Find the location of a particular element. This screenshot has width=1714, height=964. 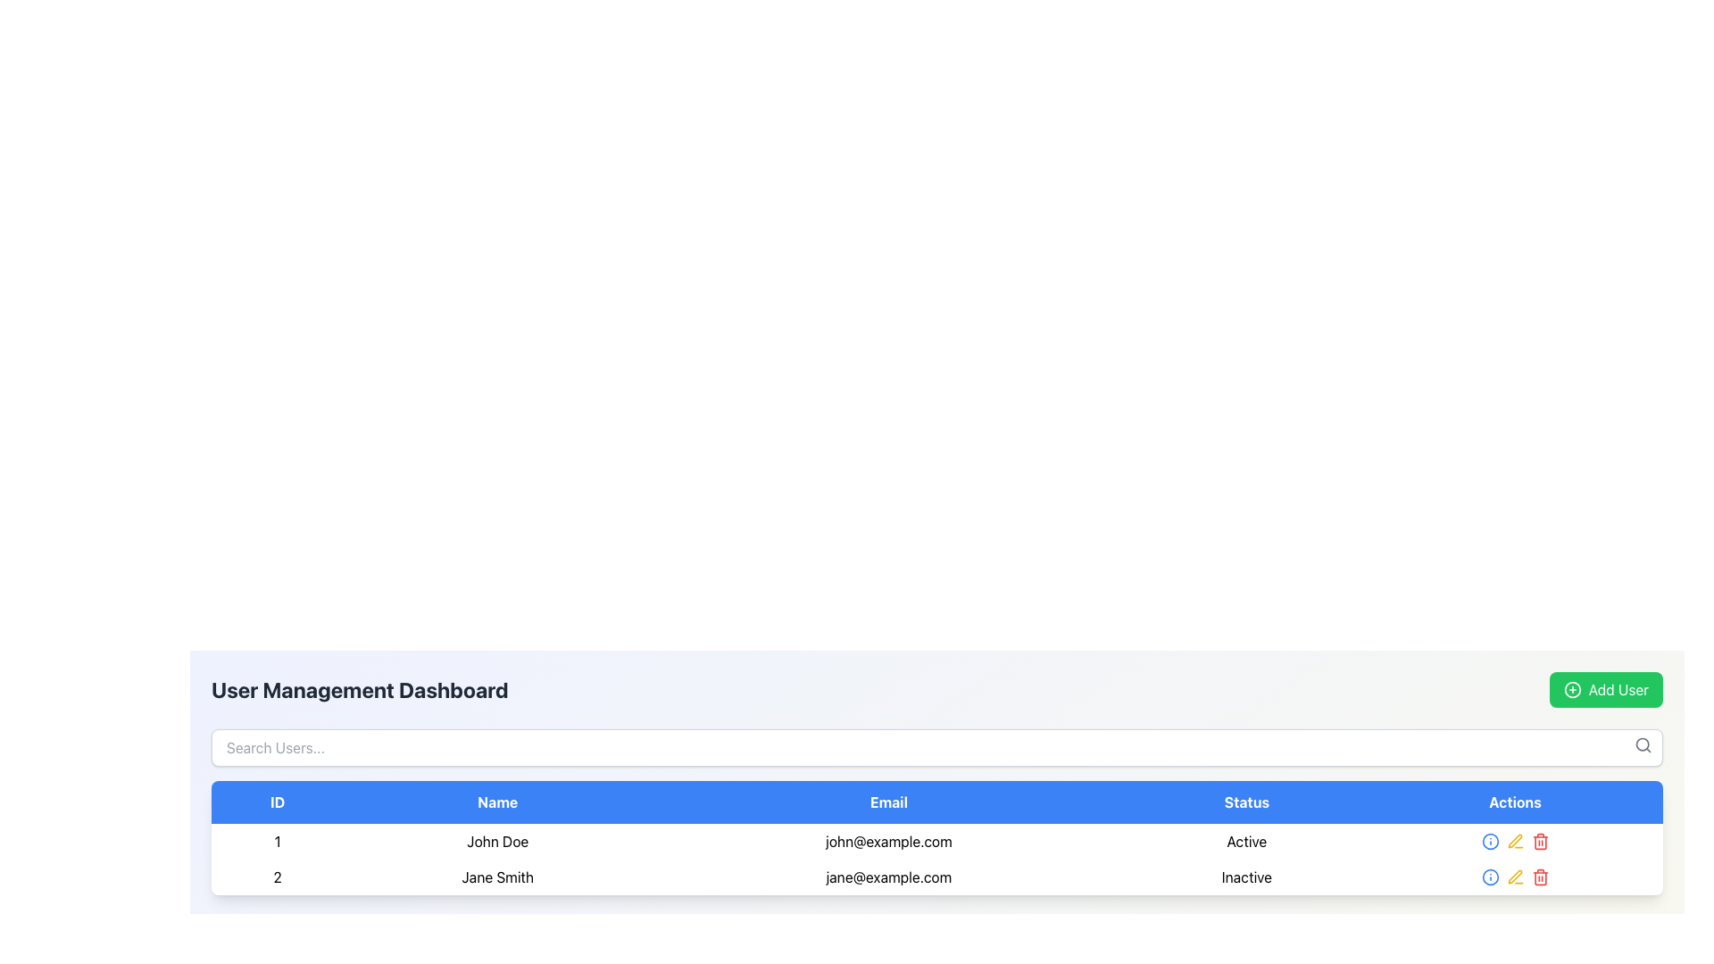

the 'Delete' icon button located is located at coordinates (1539, 841).